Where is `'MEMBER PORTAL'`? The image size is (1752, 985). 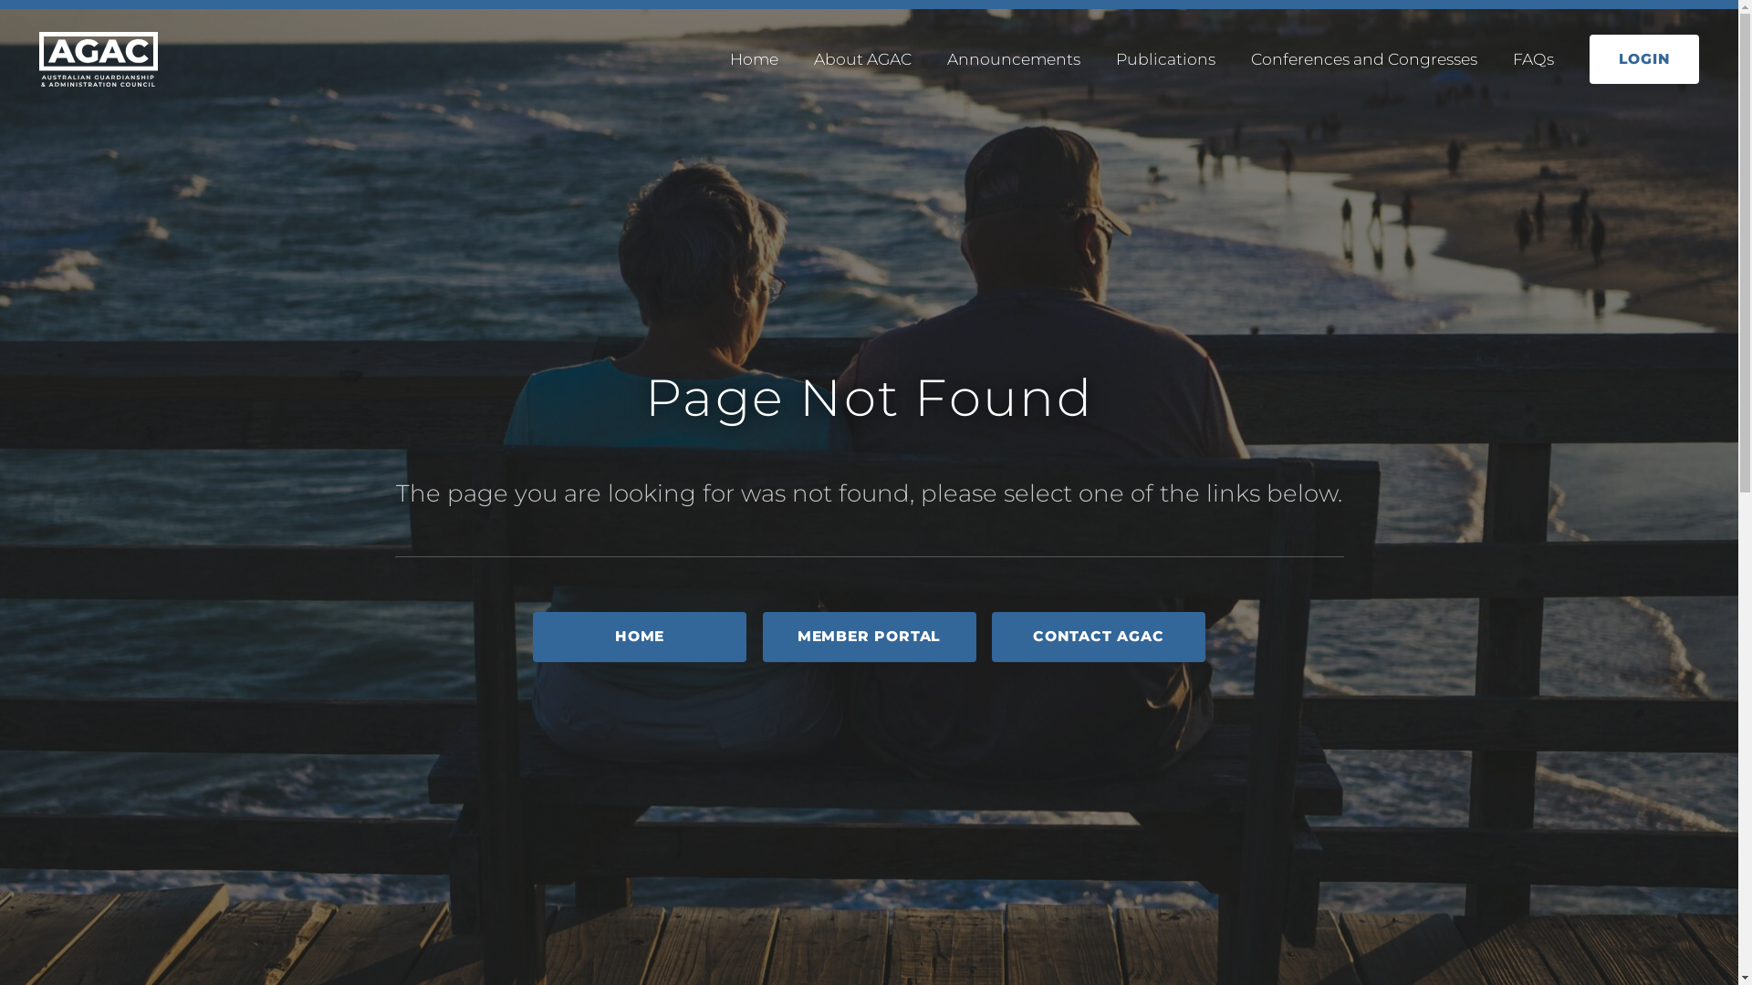
'MEMBER PORTAL' is located at coordinates (869, 636).